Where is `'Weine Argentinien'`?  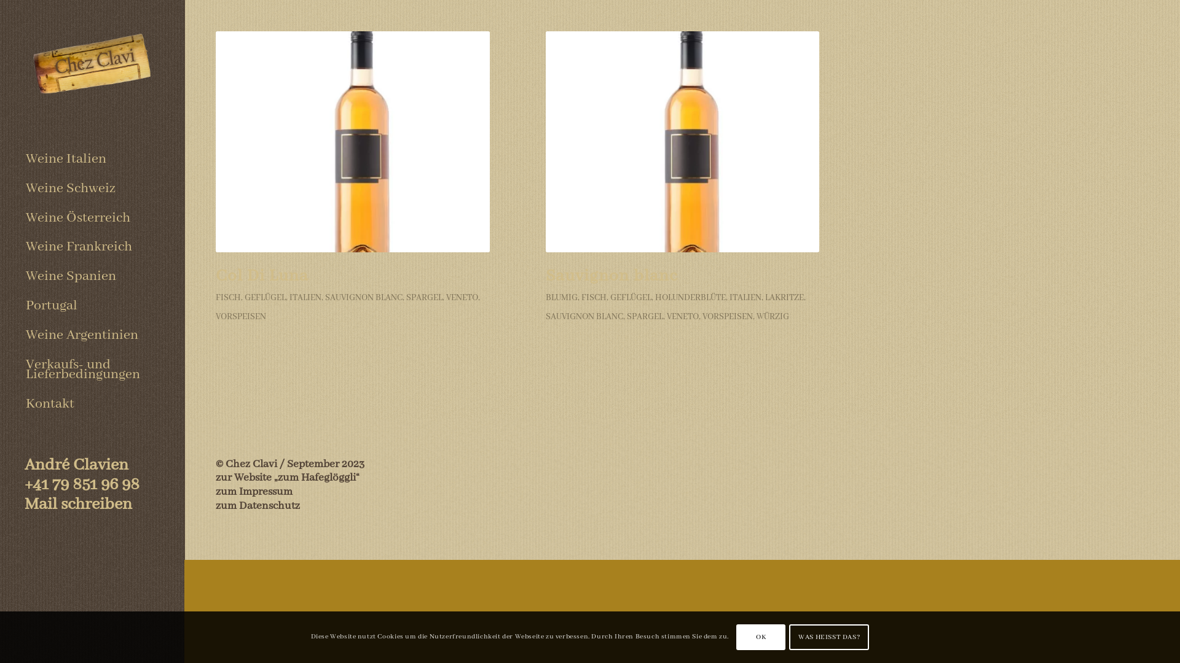 'Weine Argentinien' is located at coordinates (91, 336).